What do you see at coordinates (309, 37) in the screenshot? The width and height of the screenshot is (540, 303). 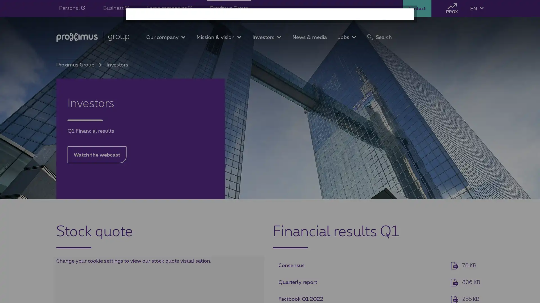 I see `News & media` at bounding box center [309, 37].